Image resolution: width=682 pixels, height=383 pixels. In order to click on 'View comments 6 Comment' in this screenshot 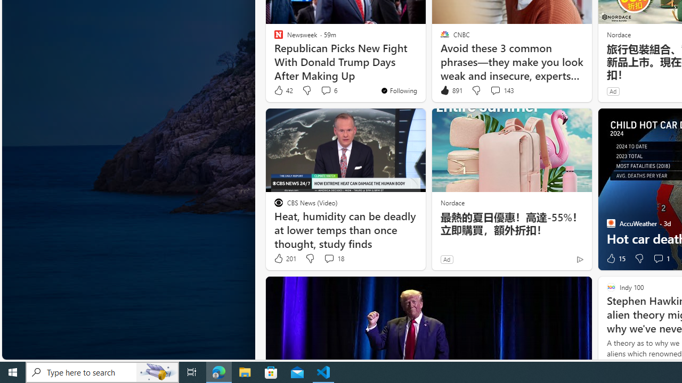, I will do `click(328, 90)`.